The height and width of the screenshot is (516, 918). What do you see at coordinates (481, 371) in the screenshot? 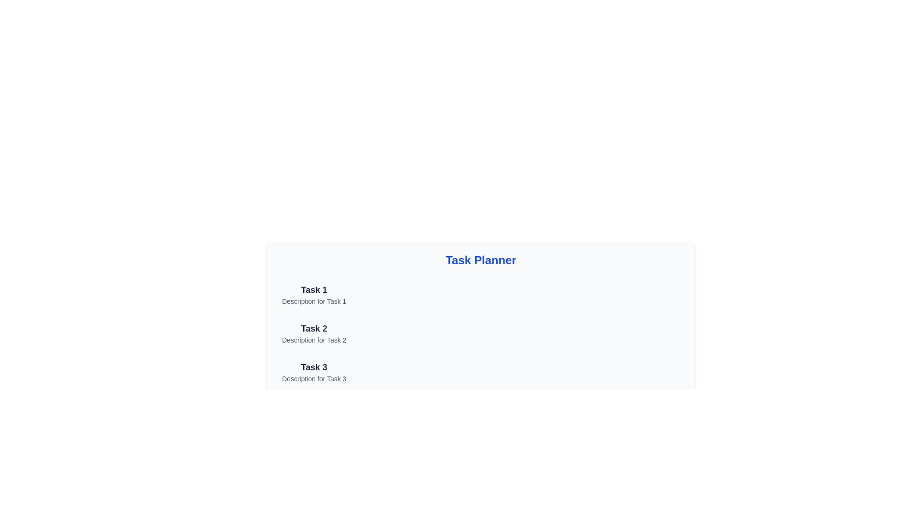
I see `inside the third task entry in the task planning list, which is located between 'Task 2' and 'Task 4'` at bounding box center [481, 371].